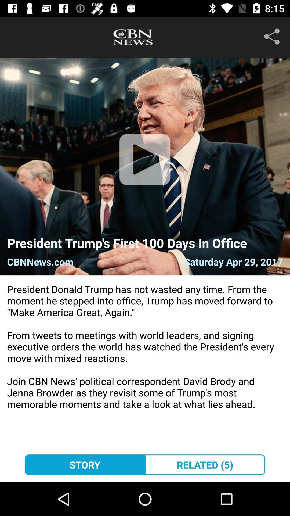  I want to click on the icon next to story icon, so click(205, 464).